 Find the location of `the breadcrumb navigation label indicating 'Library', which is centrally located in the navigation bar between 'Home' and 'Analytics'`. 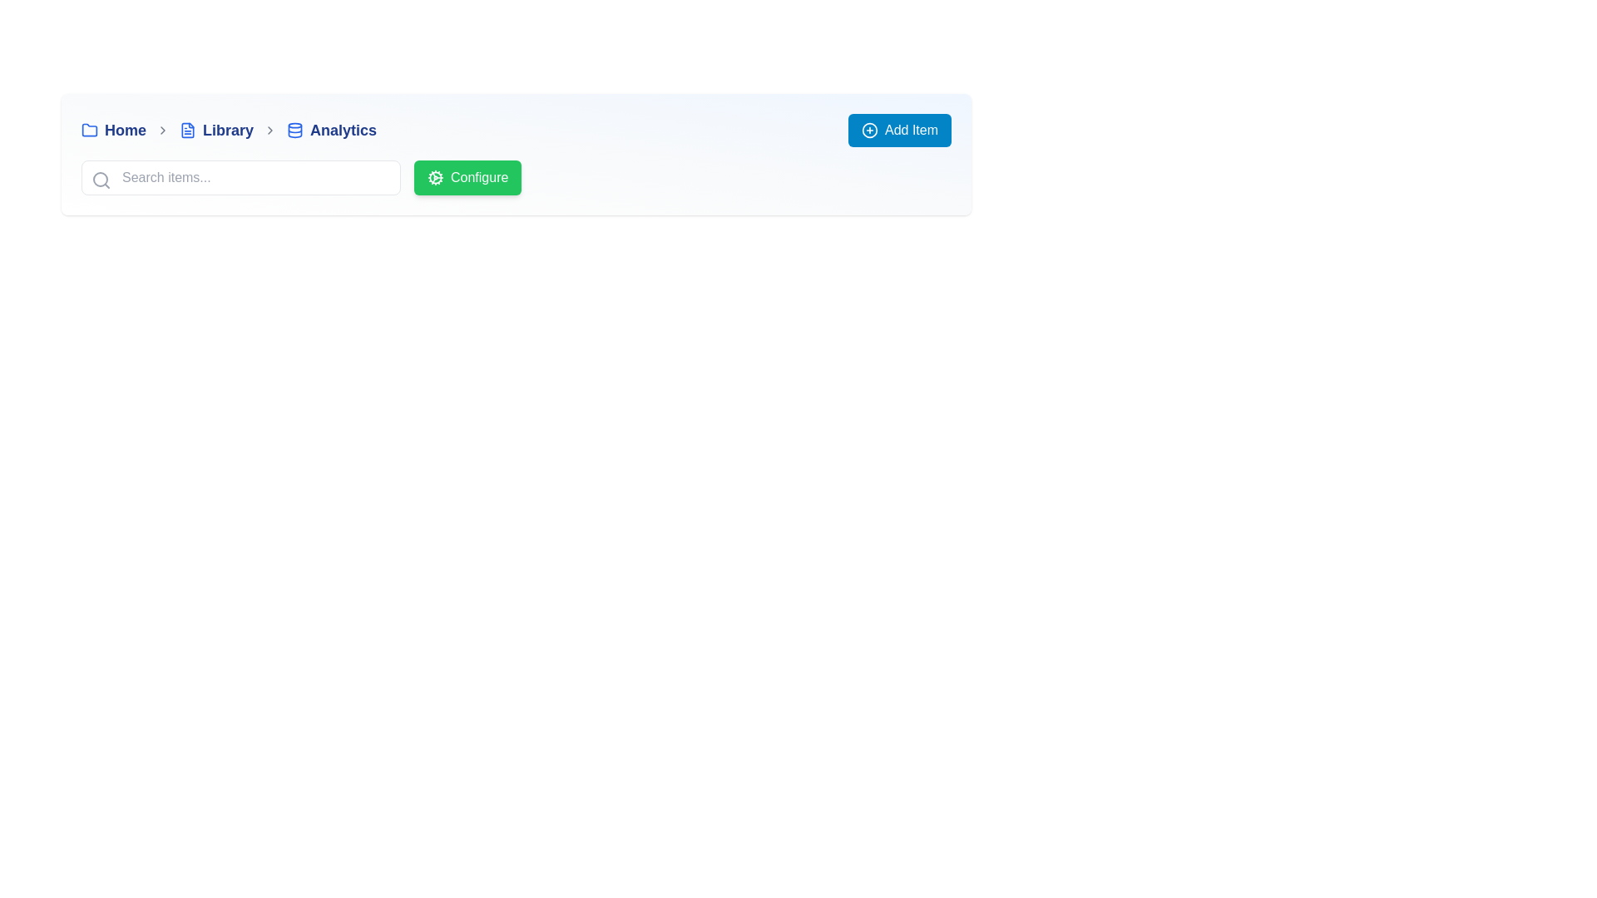

the breadcrumb navigation label indicating 'Library', which is centrally located in the navigation bar between 'Home' and 'Analytics' is located at coordinates (227, 130).